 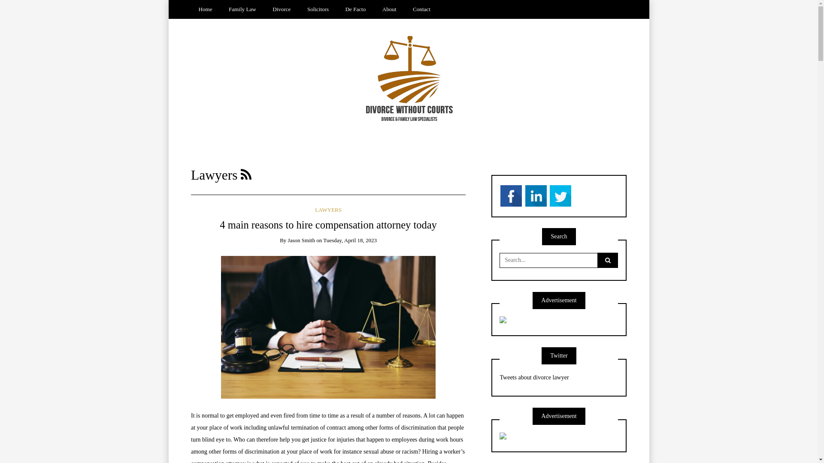 What do you see at coordinates (511, 195) in the screenshot?
I see `'Facebook'` at bounding box center [511, 195].